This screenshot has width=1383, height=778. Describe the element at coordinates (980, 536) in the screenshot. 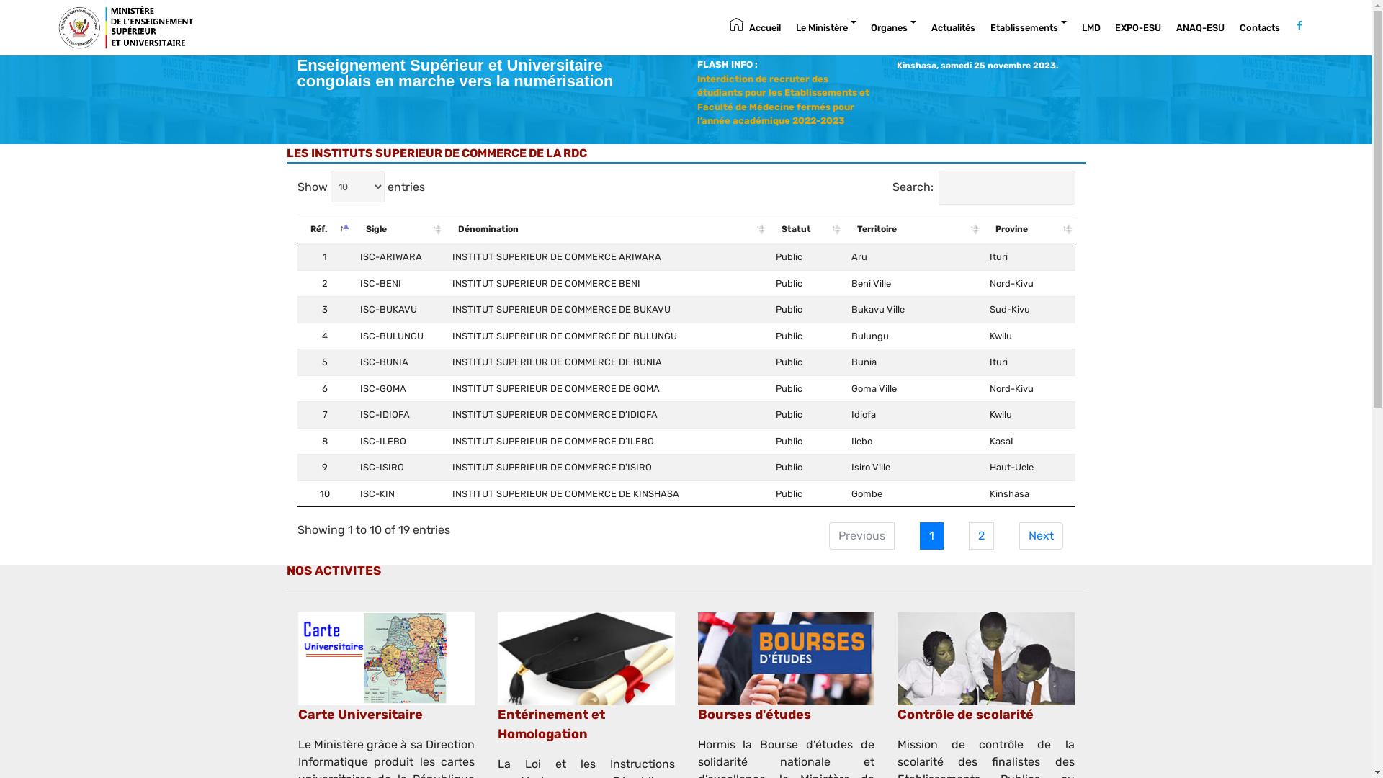

I see `'2'` at that location.